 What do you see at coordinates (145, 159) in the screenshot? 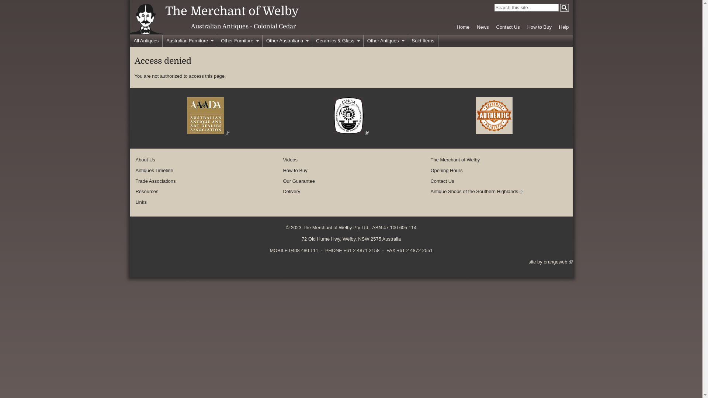
I see `'About Us'` at bounding box center [145, 159].